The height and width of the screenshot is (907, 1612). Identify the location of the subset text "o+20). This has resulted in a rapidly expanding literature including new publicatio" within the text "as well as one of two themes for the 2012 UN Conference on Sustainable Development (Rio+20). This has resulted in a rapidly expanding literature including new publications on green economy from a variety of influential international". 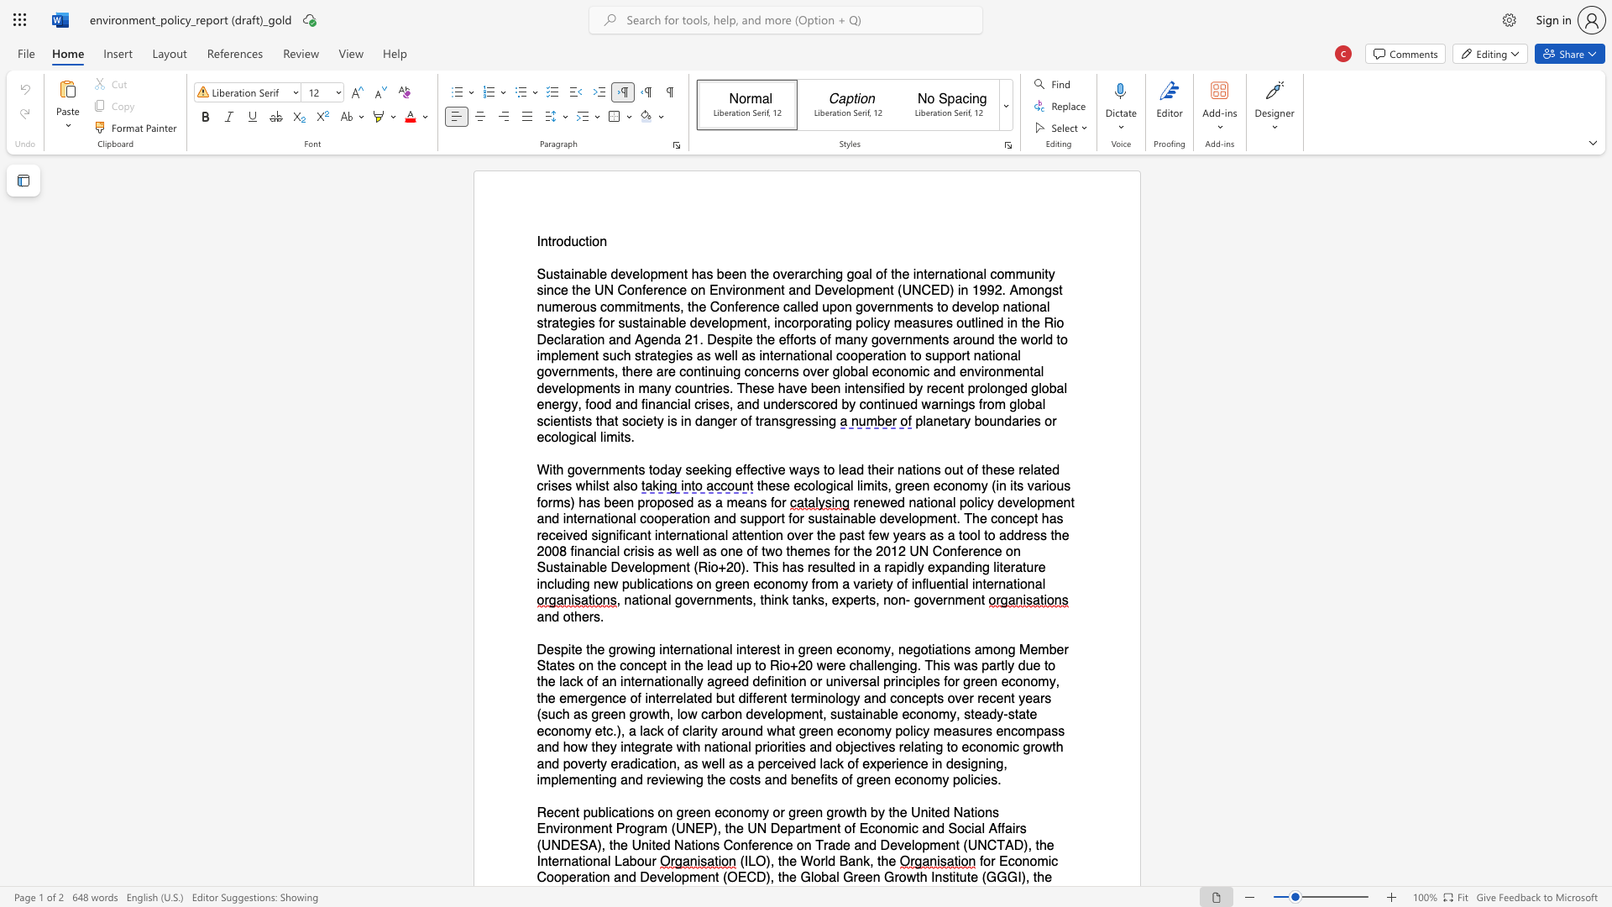
(710, 567).